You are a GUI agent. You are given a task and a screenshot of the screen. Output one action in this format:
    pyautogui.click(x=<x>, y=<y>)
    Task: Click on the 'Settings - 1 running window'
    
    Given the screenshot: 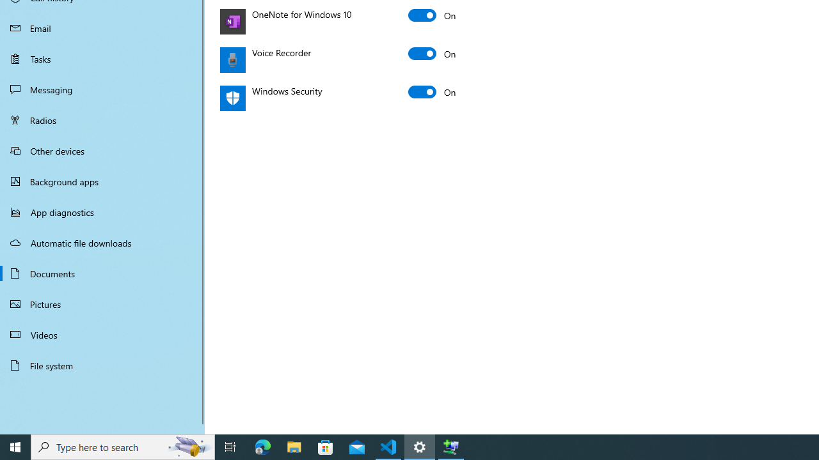 What is the action you would take?
    pyautogui.click(x=420, y=446)
    